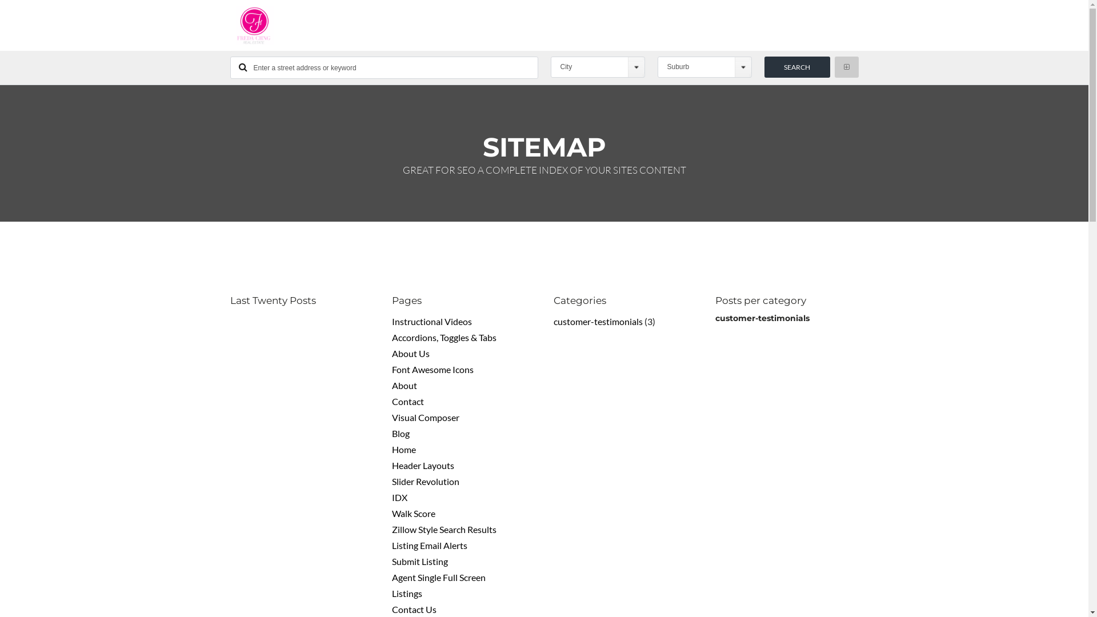 This screenshot has width=1097, height=617. What do you see at coordinates (408, 400) in the screenshot?
I see `'Contact'` at bounding box center [408, 400].